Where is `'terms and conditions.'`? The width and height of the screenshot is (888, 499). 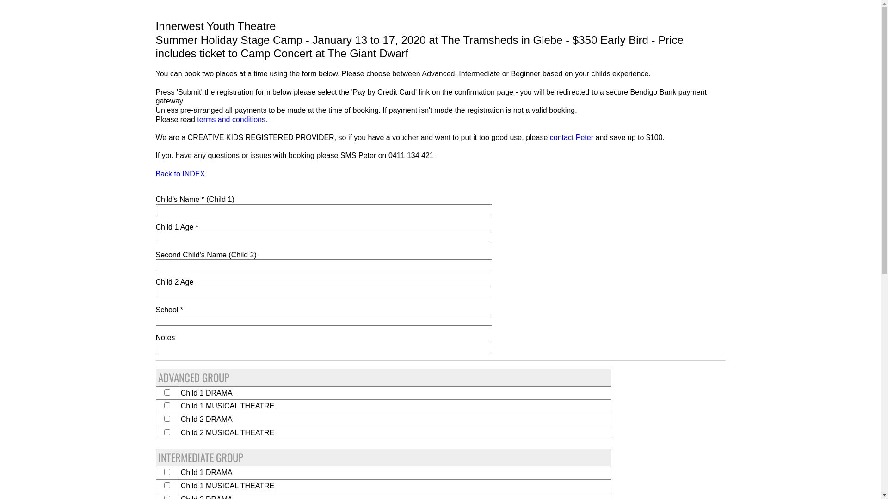 'terms and conditions.' is located at coordinates (232, 119).